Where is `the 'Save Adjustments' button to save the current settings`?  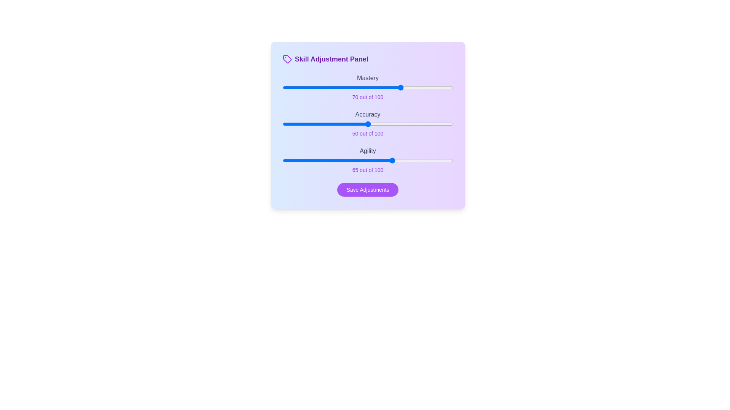
the 'Save Adjustments' button to save the current settings is located at coordinates (368, 189).